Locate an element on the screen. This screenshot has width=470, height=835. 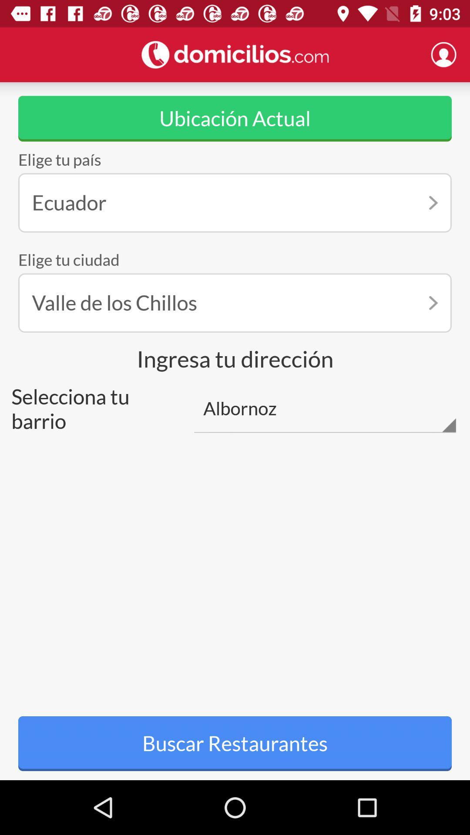
profile page option is located at coordinates (443, 54).